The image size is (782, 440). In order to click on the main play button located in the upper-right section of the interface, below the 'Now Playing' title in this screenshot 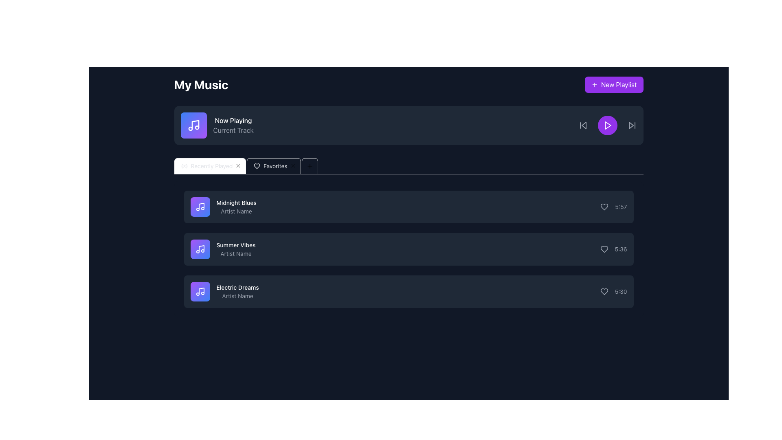, I will do `click(607, 125)`.